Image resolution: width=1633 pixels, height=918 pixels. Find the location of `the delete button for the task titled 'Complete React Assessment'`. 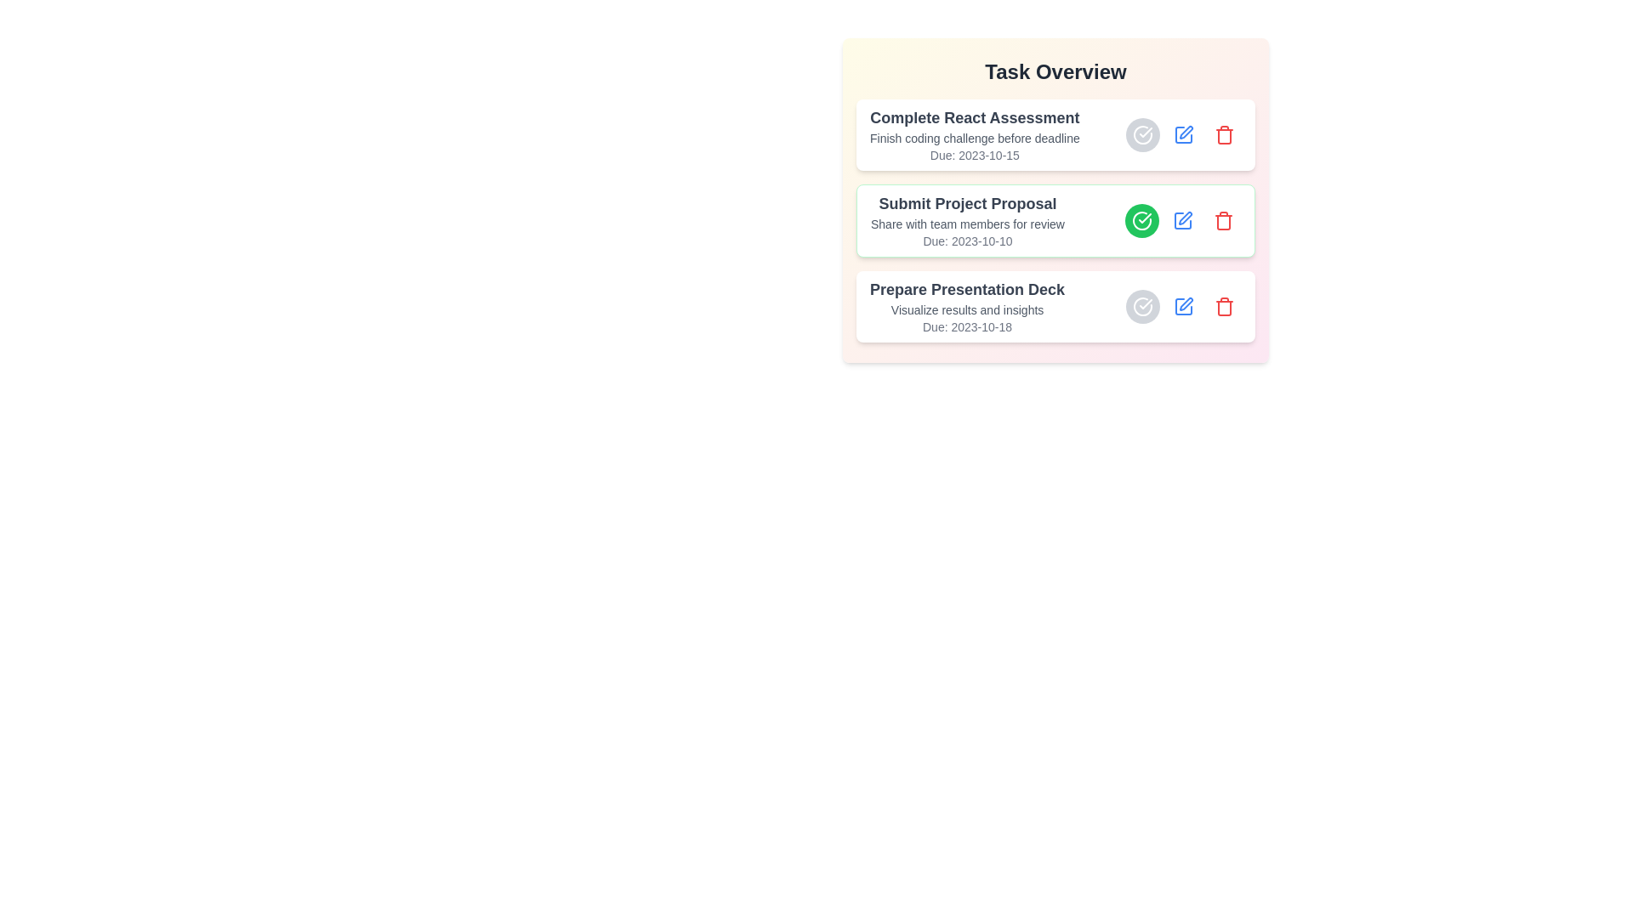

the delete button for the task titled 'Complete React Assessment' is located at coordinates (1225, 133).